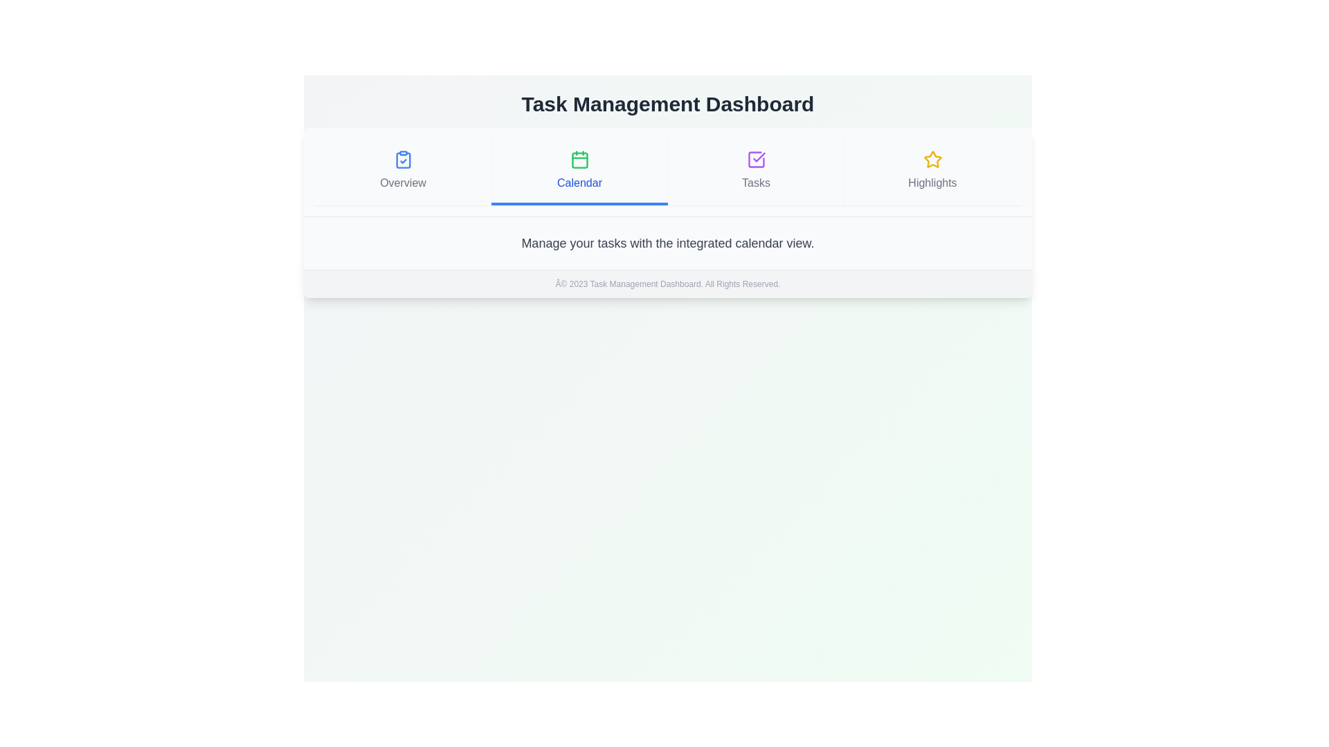 This screenshot has height=747, width=1329. I want to click on the clipboard icon with a checkmark in the 'Overview' section, so click(402, 159).